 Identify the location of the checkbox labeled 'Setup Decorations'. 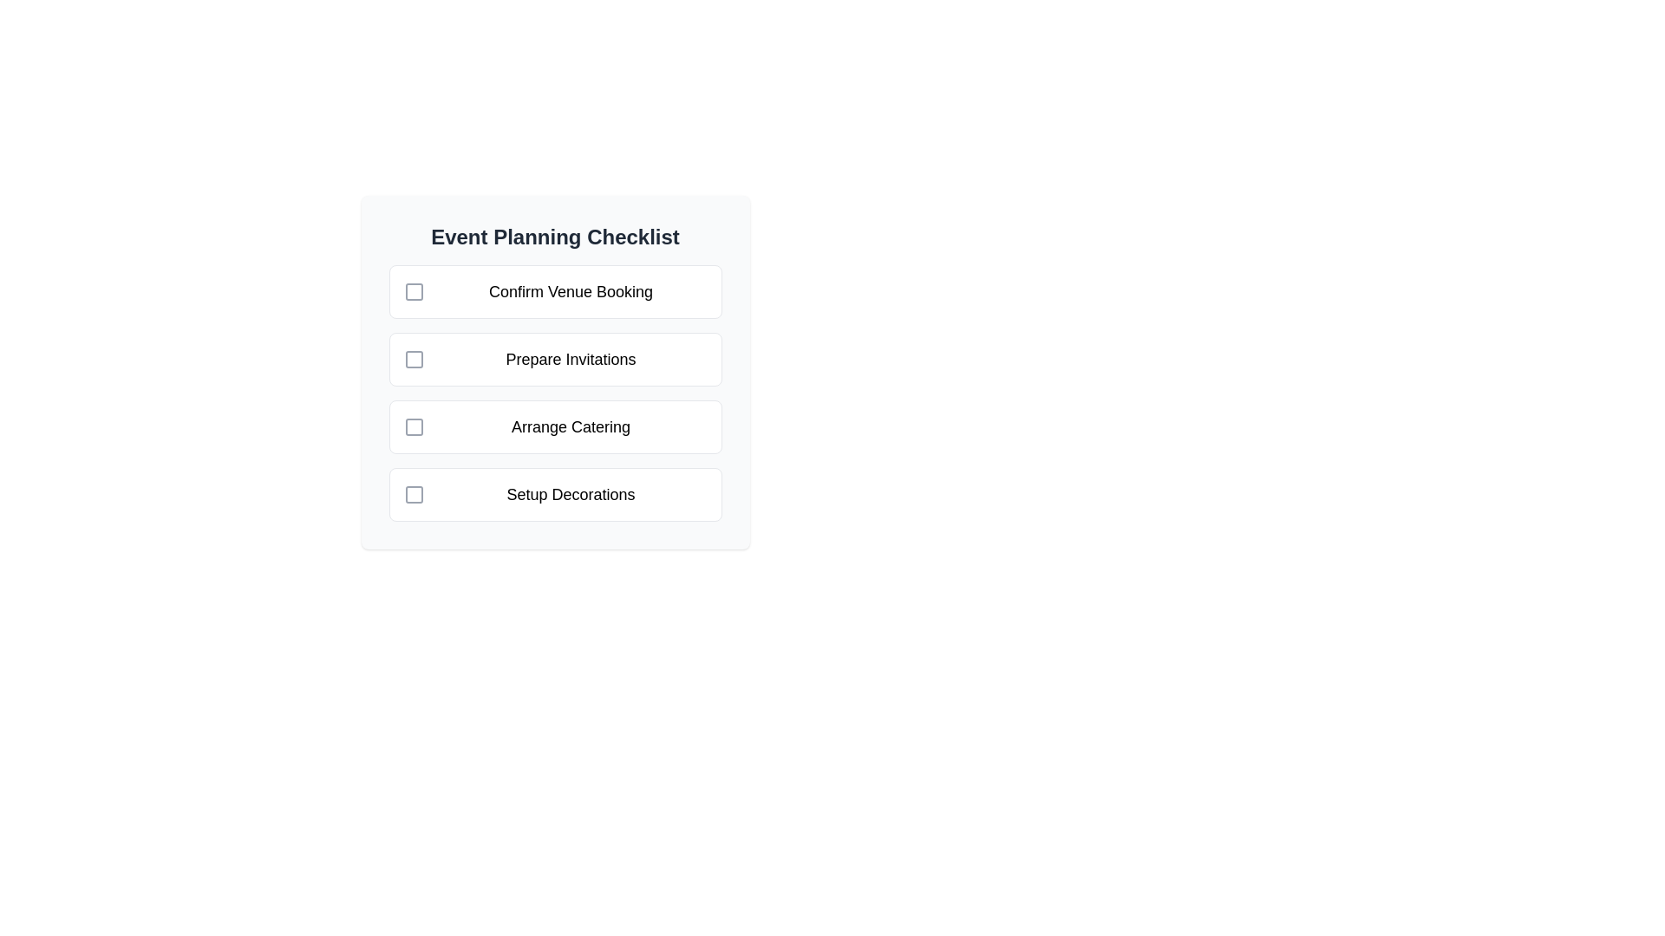
(555, 494).